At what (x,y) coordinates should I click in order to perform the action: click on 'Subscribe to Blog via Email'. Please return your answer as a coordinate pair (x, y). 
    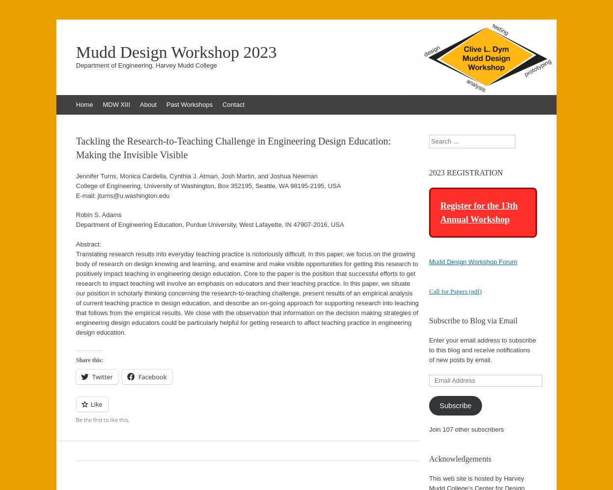
    Looking at the image, I should click on (473, 320).